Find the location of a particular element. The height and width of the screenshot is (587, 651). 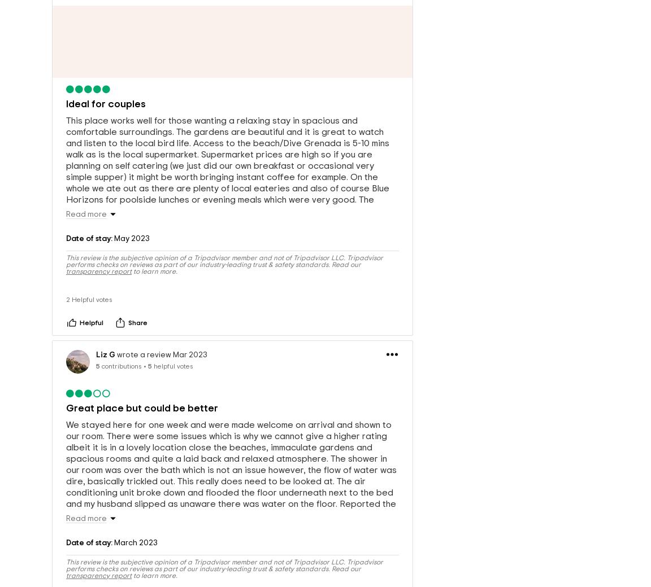

'We stayed here for one week and were made welcome on arrival and shown to our room.  There were some issues which is why we cannot give a higher rating albeit it is in a lovely location close the beaches, immaculate gardens and spacious rooms and quite a laid back and relaxed atmosphere.  The shower in our room was over the bath which is not an issue however, the flow of water was dire, basically trickled out.  This really does need to be looked at.  The air conditioning unit broke down and flooded the floor underneath next to the bed and my husband slipped as unaware there was water on the floor.  Reported the issue early morning and when we got back after being out all day it was still not sorted which resulted in us spending an inordinate amount of time to get sorted and' is located at coordinates (231, 484).